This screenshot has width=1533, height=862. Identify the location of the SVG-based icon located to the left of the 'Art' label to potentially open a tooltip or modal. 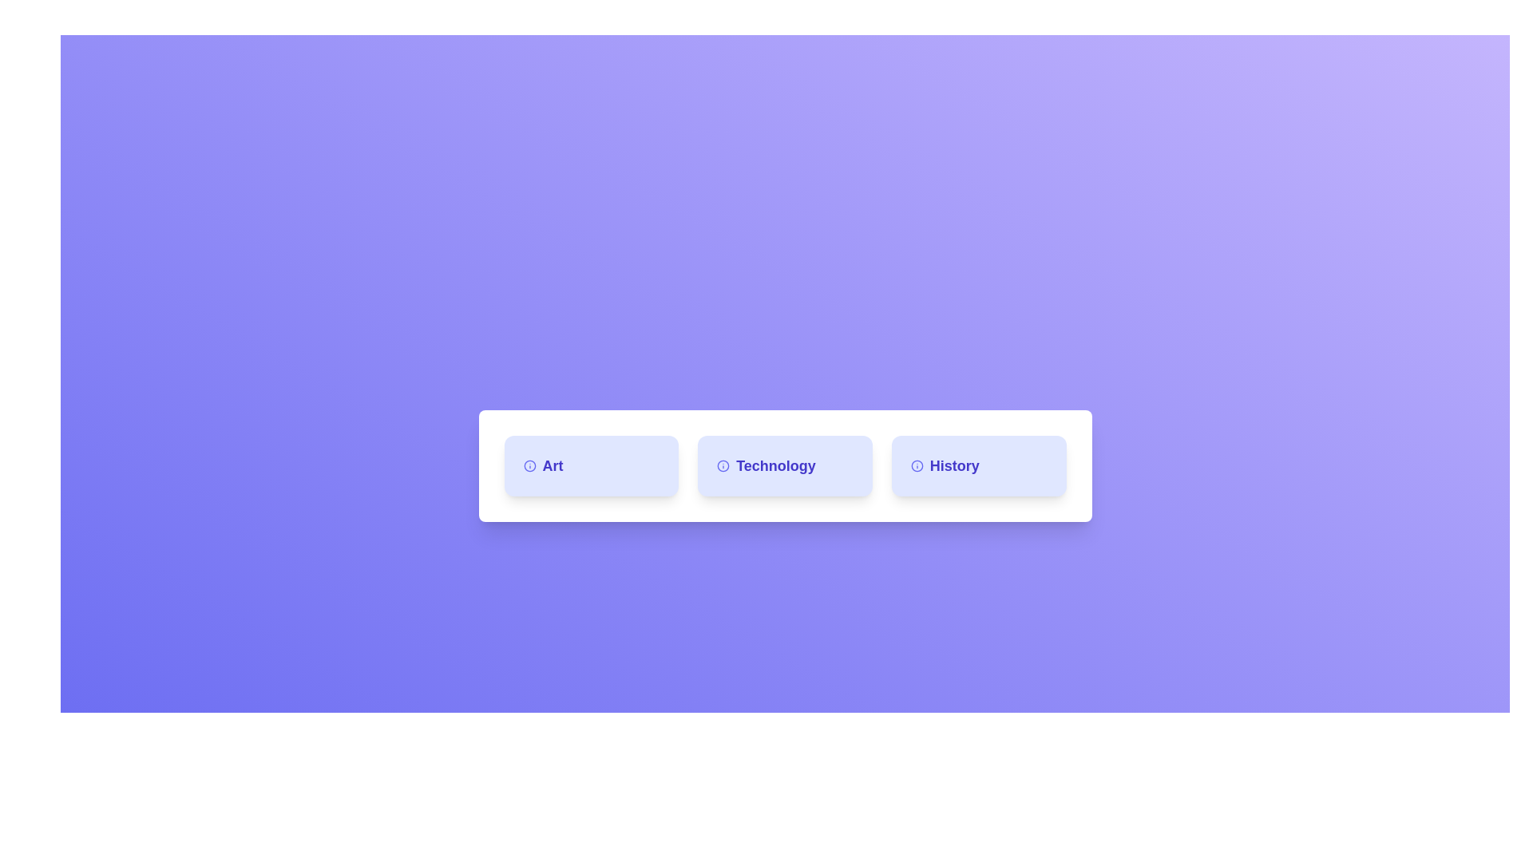
(529, 465).